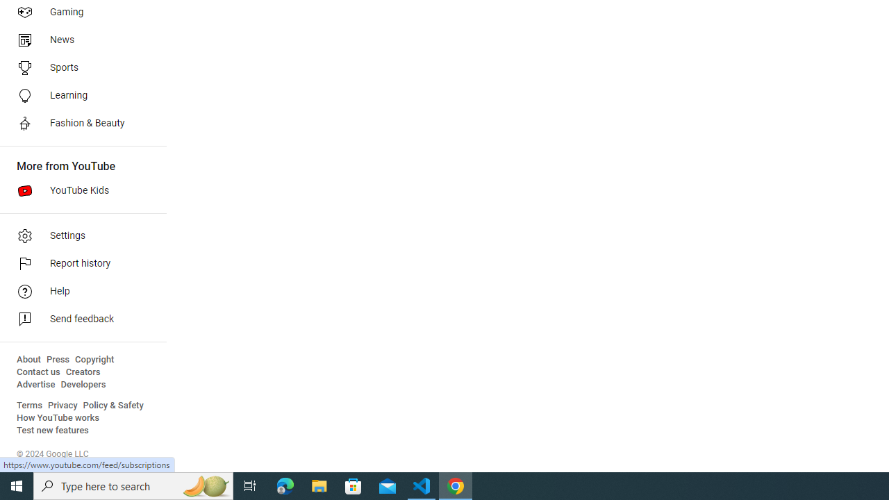 This screenshot has width=889, height=500. Describe the element at coordinates (82, 372) in the screenshot. I see `'Creators'` at that location.